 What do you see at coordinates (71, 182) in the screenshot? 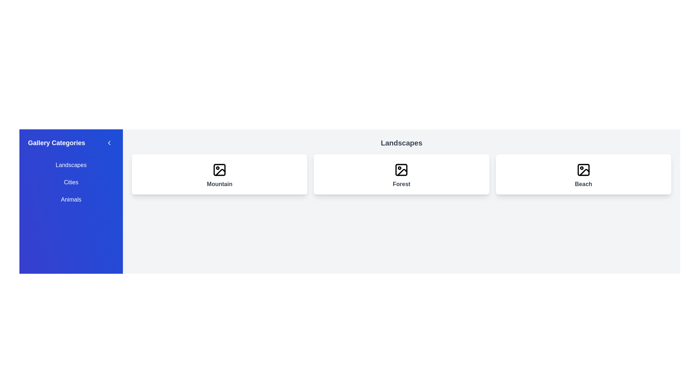
I see `the 'Cities' button, which is a blue button with rounded corners and white text, located in the sidebar titled 'Gallery Categories'` at bounding box center [71, 182].